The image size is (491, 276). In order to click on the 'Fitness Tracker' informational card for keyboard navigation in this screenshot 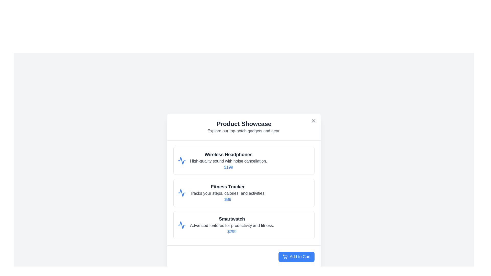, I will do `click(227, 193)`.